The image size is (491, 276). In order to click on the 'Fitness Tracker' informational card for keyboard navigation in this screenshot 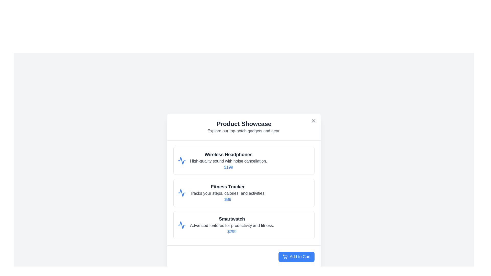, I will do `click(227, 193)`.